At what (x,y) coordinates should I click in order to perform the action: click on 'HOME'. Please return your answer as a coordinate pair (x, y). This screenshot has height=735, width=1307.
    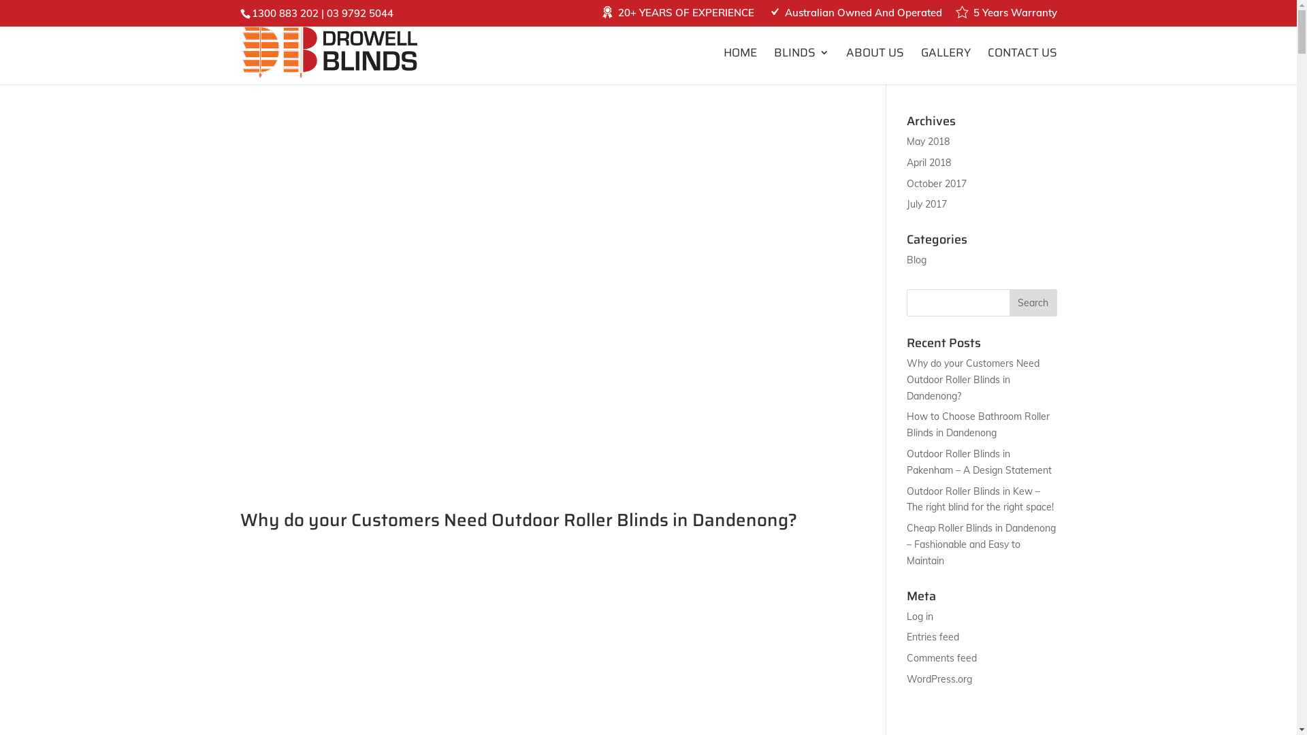
    Looking at the image, I should click on (739, 65).